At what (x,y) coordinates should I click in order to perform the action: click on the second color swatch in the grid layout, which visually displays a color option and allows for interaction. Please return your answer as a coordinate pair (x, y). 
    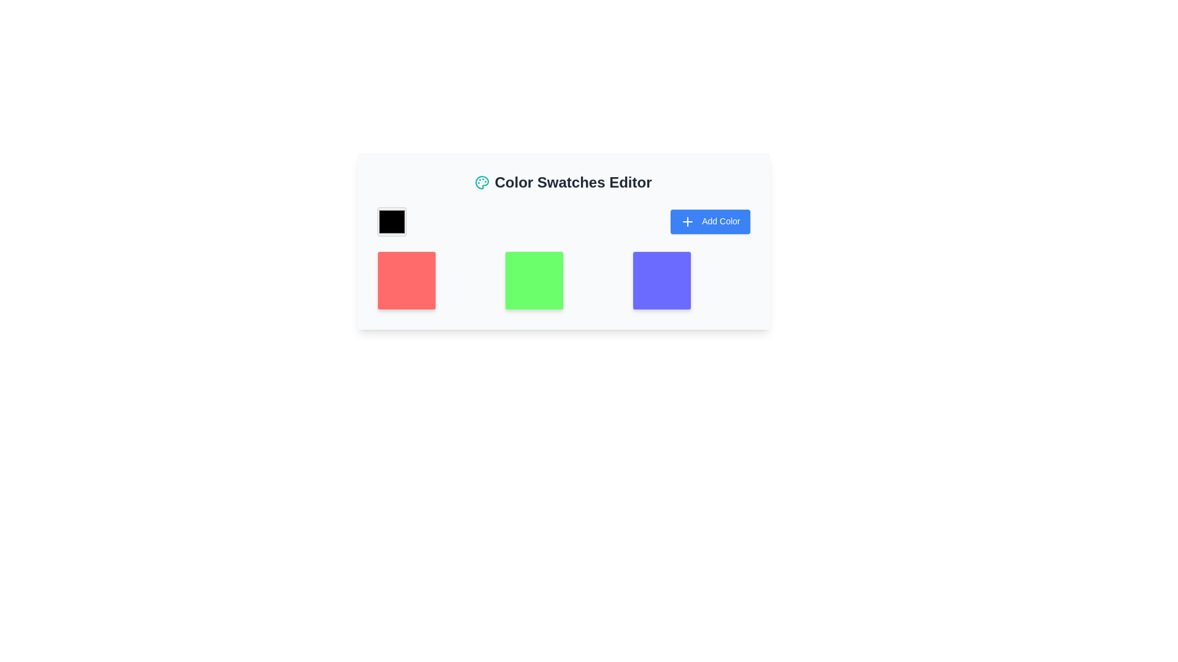
    Looking at the image, I should click on (563, 281).